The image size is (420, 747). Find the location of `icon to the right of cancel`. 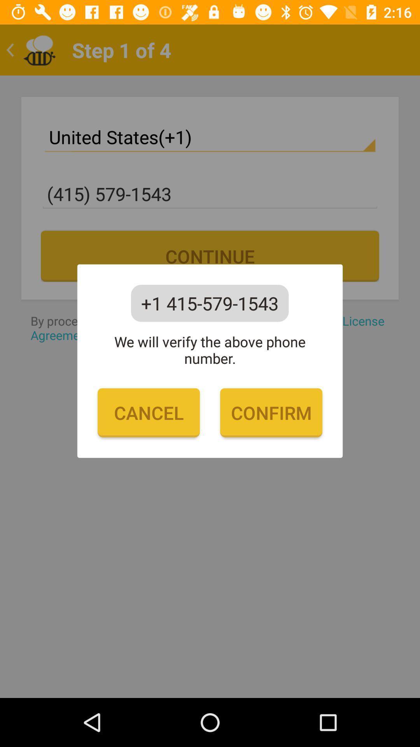

icon to the right of cancel is located at coordinates (271, 412).